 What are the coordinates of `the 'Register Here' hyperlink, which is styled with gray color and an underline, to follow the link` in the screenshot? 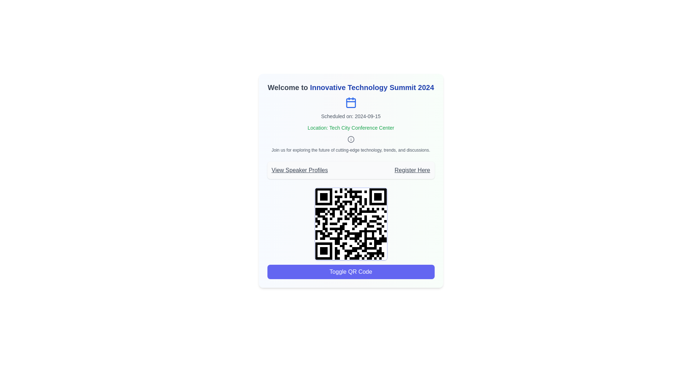 It's located at (412, 170).